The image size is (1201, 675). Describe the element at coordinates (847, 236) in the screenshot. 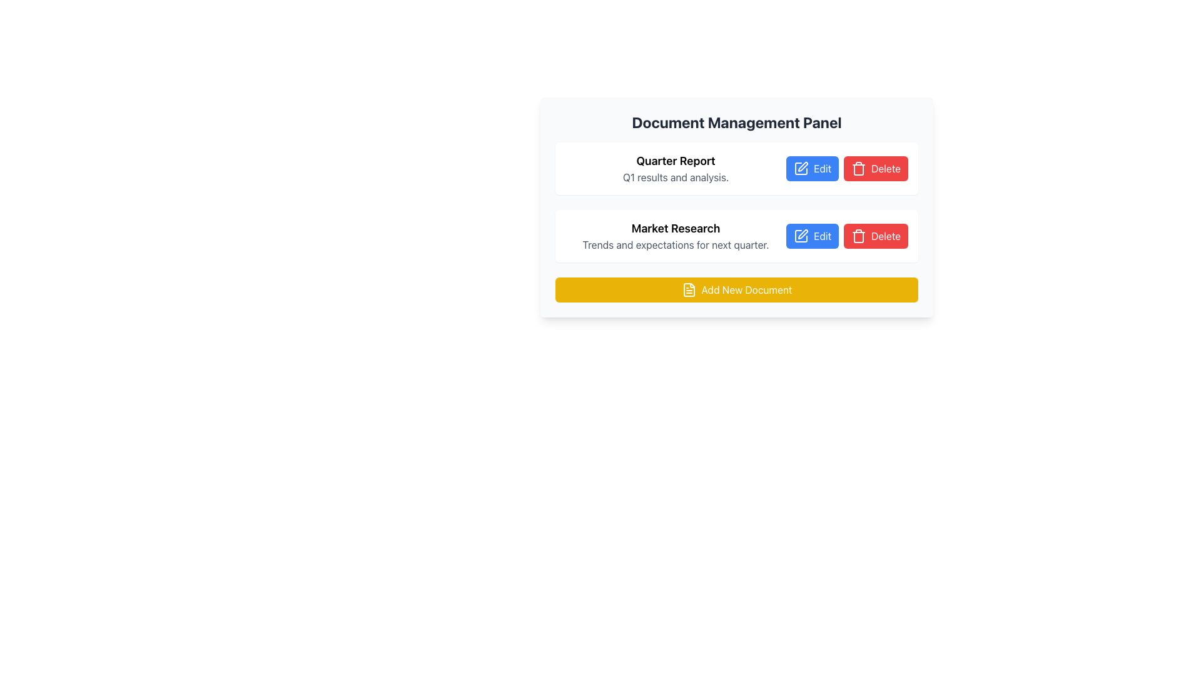

I see `the Action button group containing 'Edit' and 'Delete' buttons within the 'Market Research' section` at that location.